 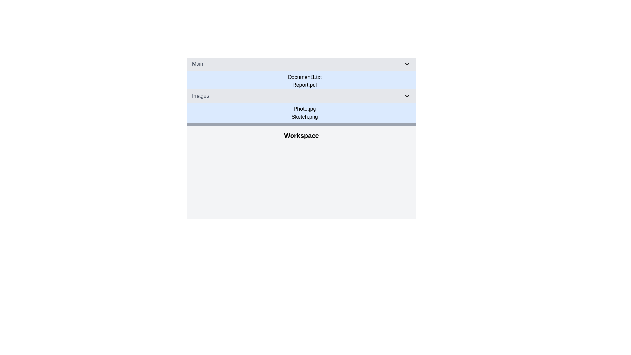 What do you see at coordinates (407, 64) in the screenshot?
I see `the downward-pointing chevron icon in the header bar labeled 'Main'` at bounding box center [407, 64].